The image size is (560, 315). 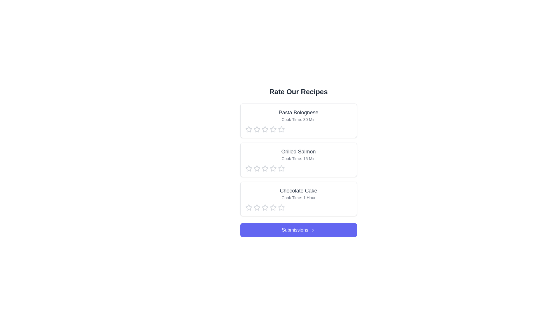 What do you see at coordinates (265, 129) in the screenshot?
I see `the star corresponding to 3 stars to preview the rating` at bounding box center [265, 129].